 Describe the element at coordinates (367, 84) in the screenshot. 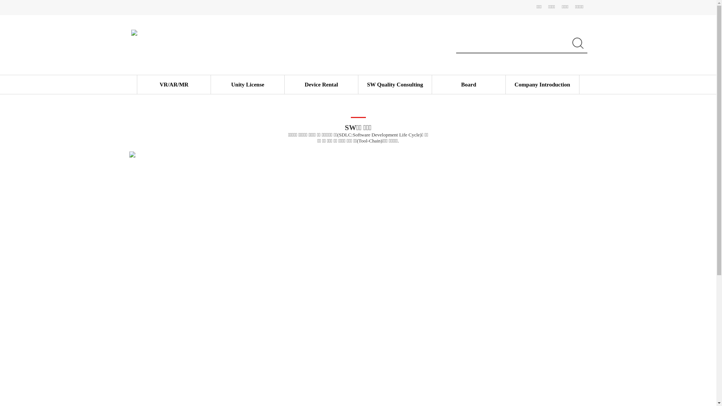

I see `'SW Quality Consulting'` at that location.